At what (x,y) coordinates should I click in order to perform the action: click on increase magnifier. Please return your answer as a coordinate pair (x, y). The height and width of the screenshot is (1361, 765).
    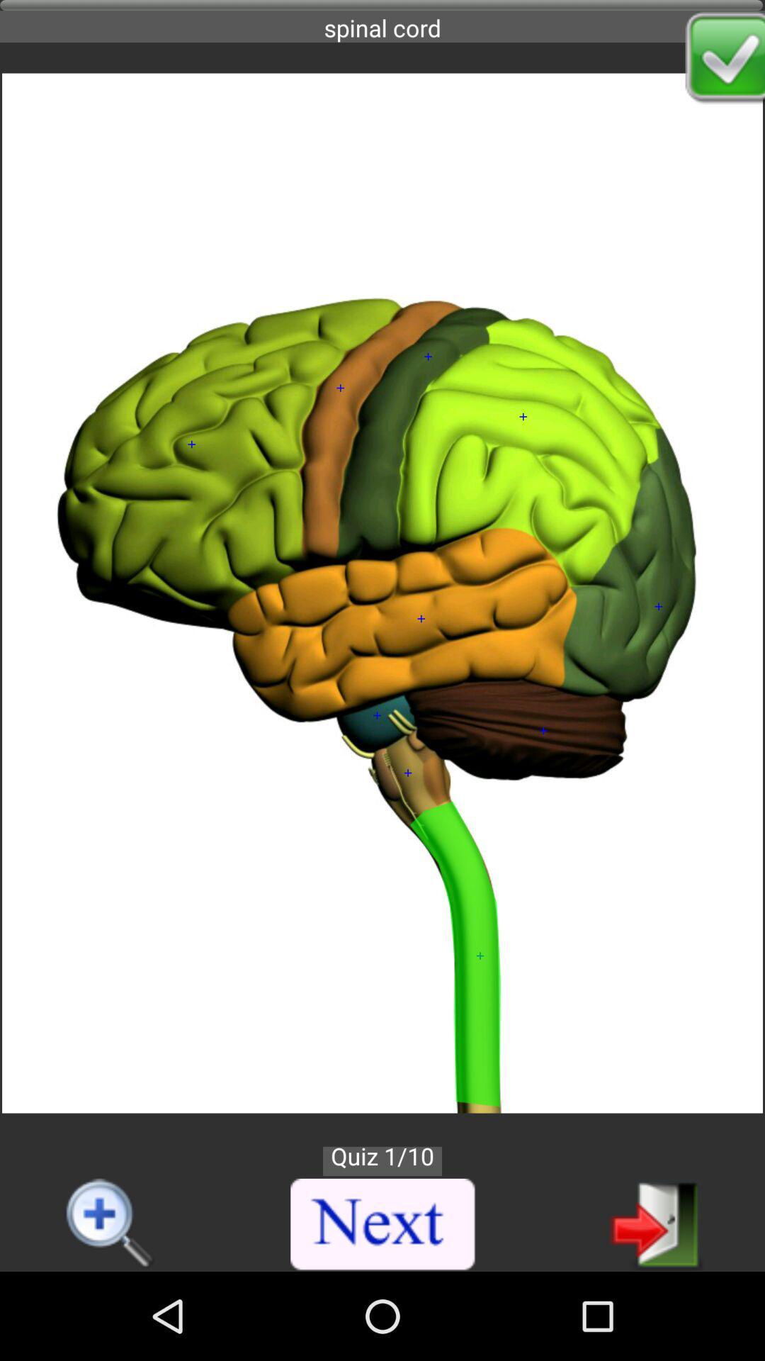
    Looking at the image, I should click on (110, 1224).